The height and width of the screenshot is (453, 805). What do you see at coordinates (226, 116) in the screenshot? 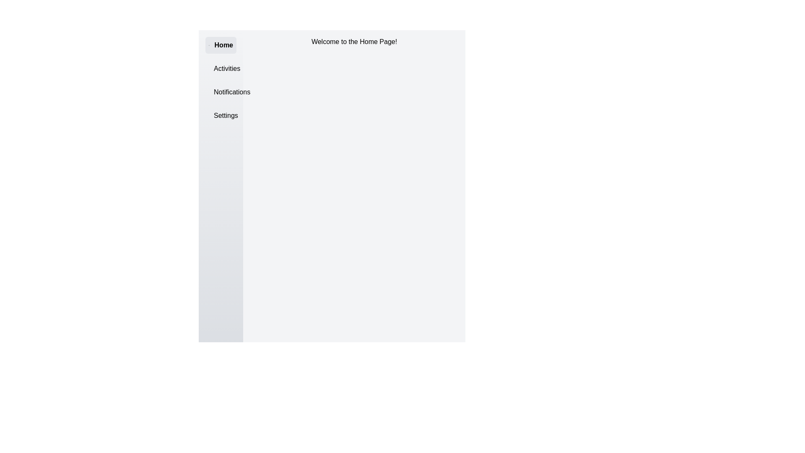
I see `the 'settings' text label, which is styled in capitalized sans-serif font and located near the bottom of a vertical menu, to the right of a gear-shaped icon` at bounding box center [226, 116].